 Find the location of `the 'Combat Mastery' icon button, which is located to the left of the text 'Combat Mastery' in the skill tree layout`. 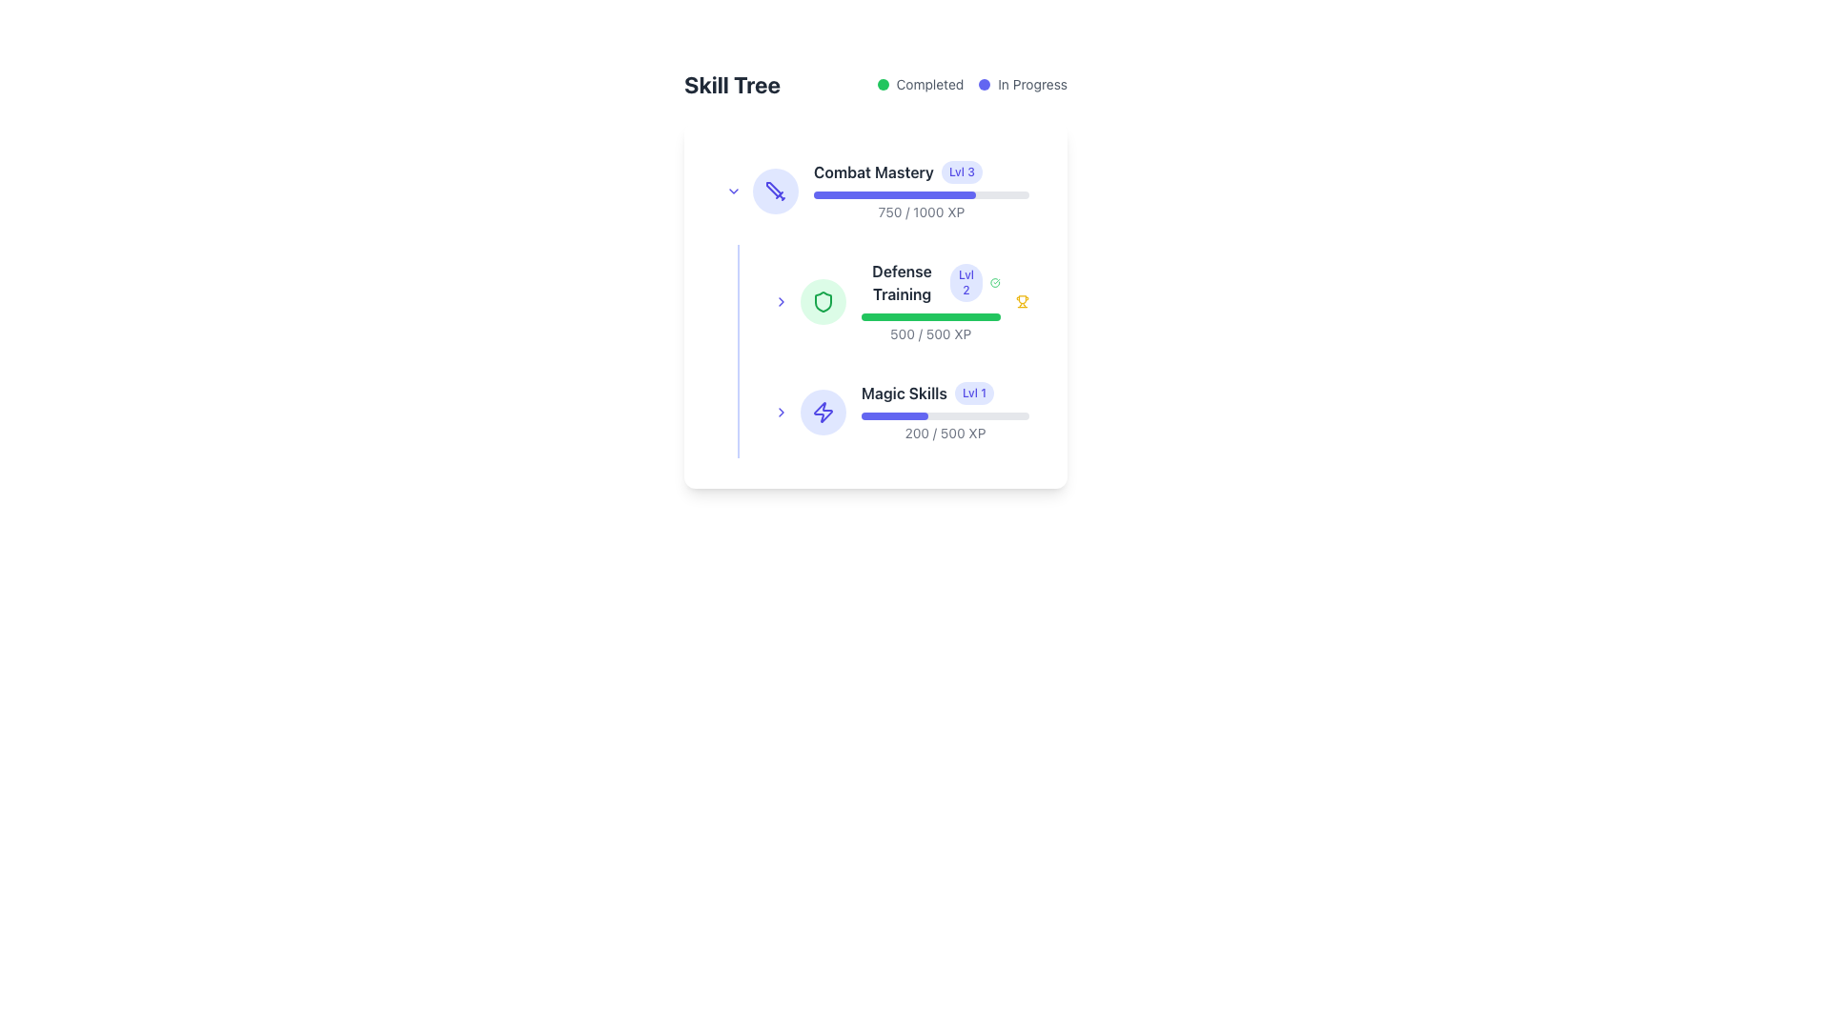

the 'Combat Mastery' icon button, which is located to the left of the text 'Combat Mastery' in the skill tree layout is located at coordinates (776, 191).